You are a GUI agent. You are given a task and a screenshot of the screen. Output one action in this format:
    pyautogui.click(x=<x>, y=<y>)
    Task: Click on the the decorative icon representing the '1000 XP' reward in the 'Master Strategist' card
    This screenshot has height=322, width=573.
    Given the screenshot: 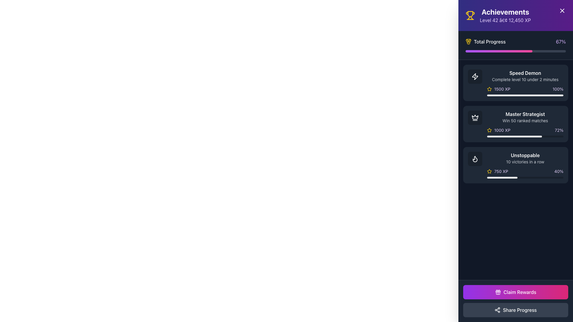 What is the action you would take?
    pyautogui.click(x=489, y=130)
    